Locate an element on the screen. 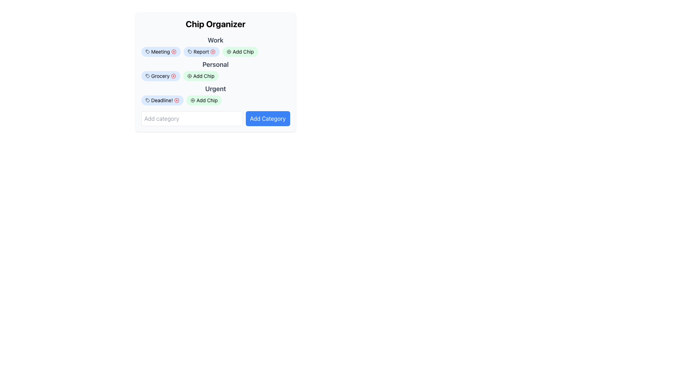 The height and width of the screenshot is (386, 687). the small tag-shaped icon within the 'Meeting' chip component located on the left side under the 'Work' category is located at coordinates (147, 51).